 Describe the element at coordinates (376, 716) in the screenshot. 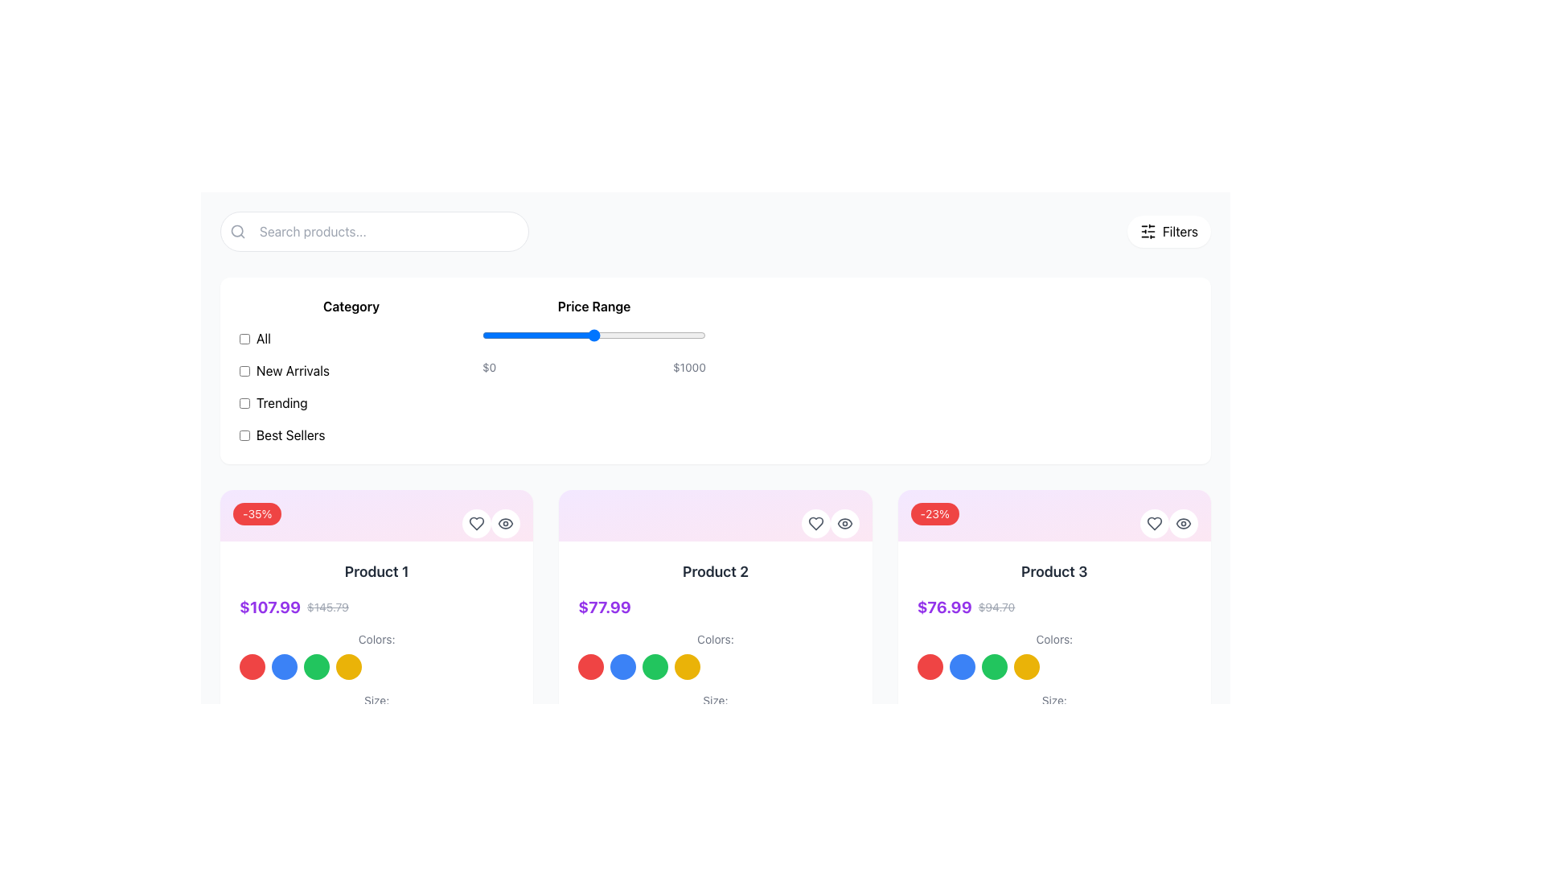

I see `the size selection buttons labeled 'XS', 'S', 'M', 'L', and 'XL' in the Selector group located beneath the 'Colors:' section of 'Product 1' card` at that location.